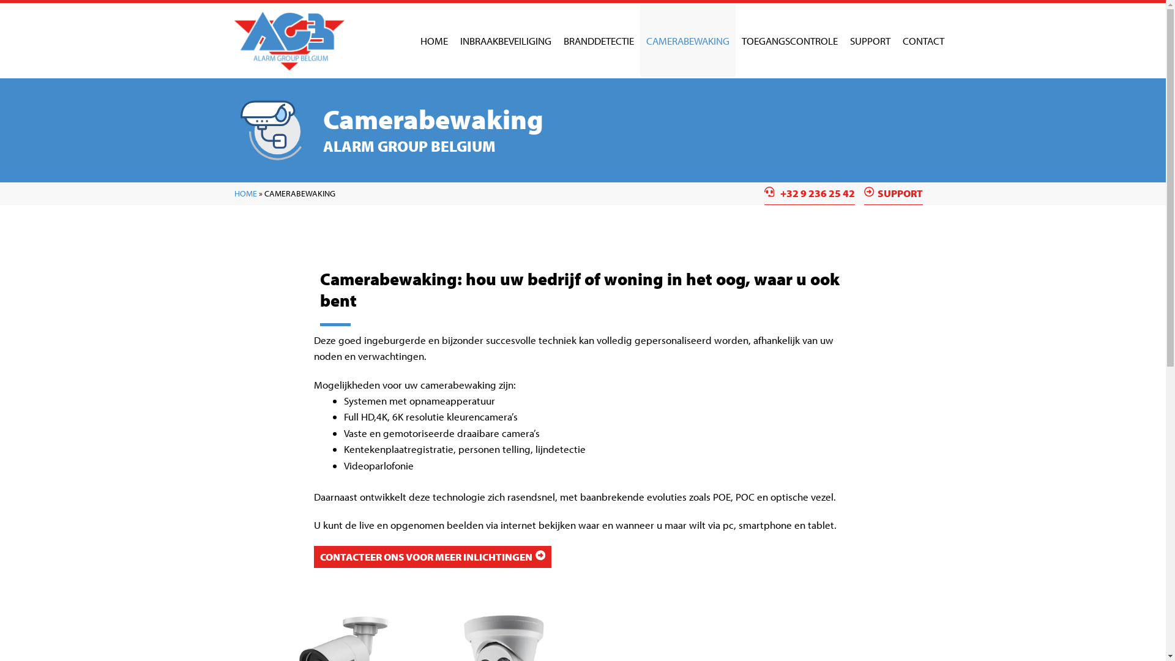  I want to click on 'BRANDDETECTIE', so click(598, 40).